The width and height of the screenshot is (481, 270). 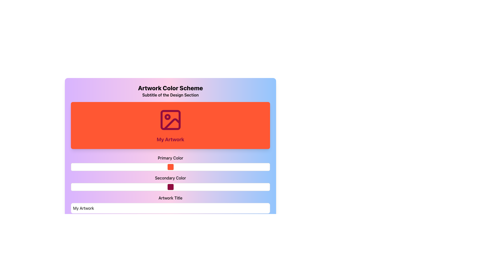 I want to click on the large, bold header text 'Artwork Color Scheme' located at the upper section of the interface, which is styled in black against a gradient background, so click(x=170, y=87).